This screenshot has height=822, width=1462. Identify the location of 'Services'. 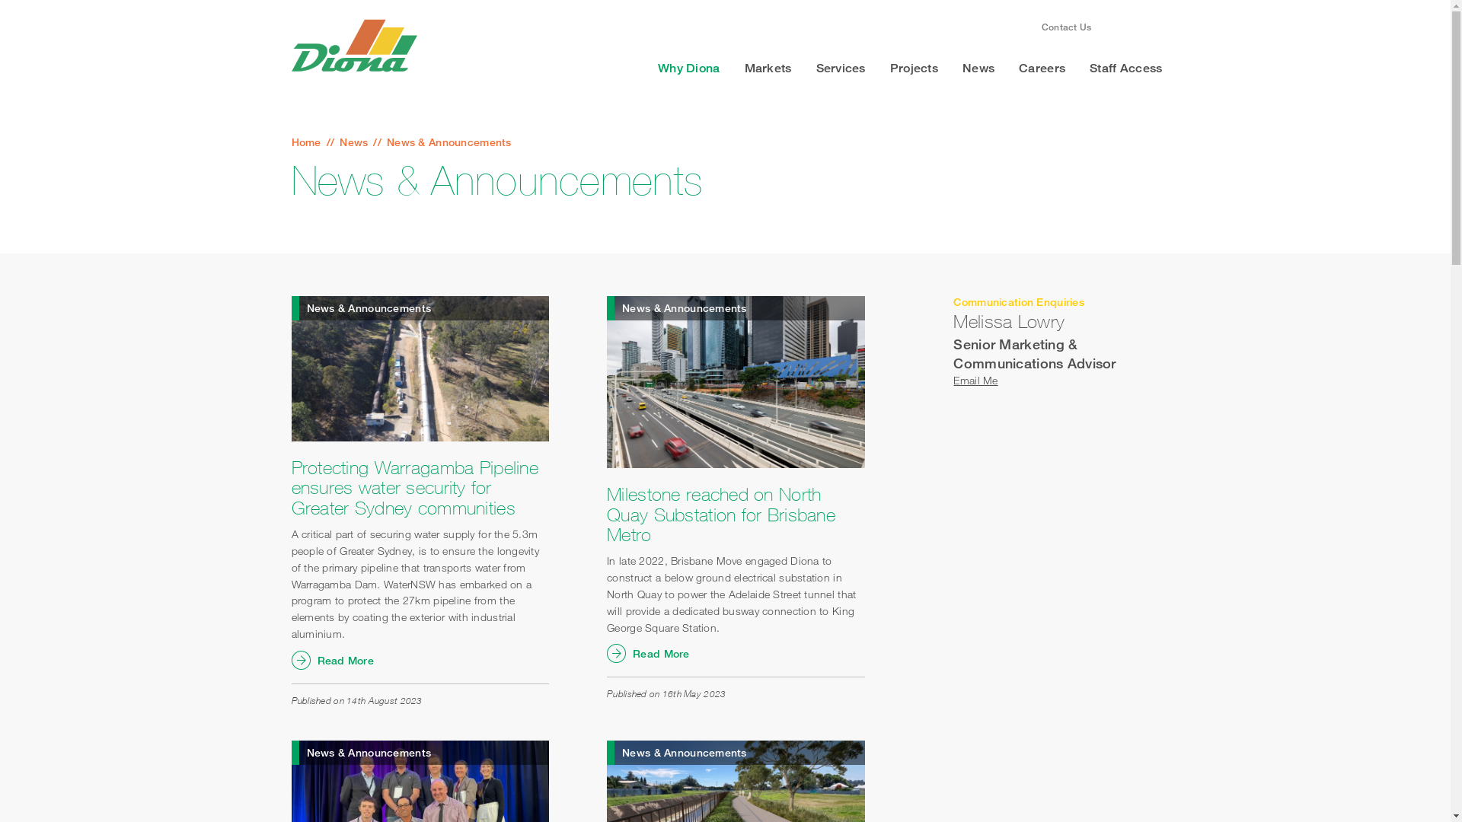
(840, 67).